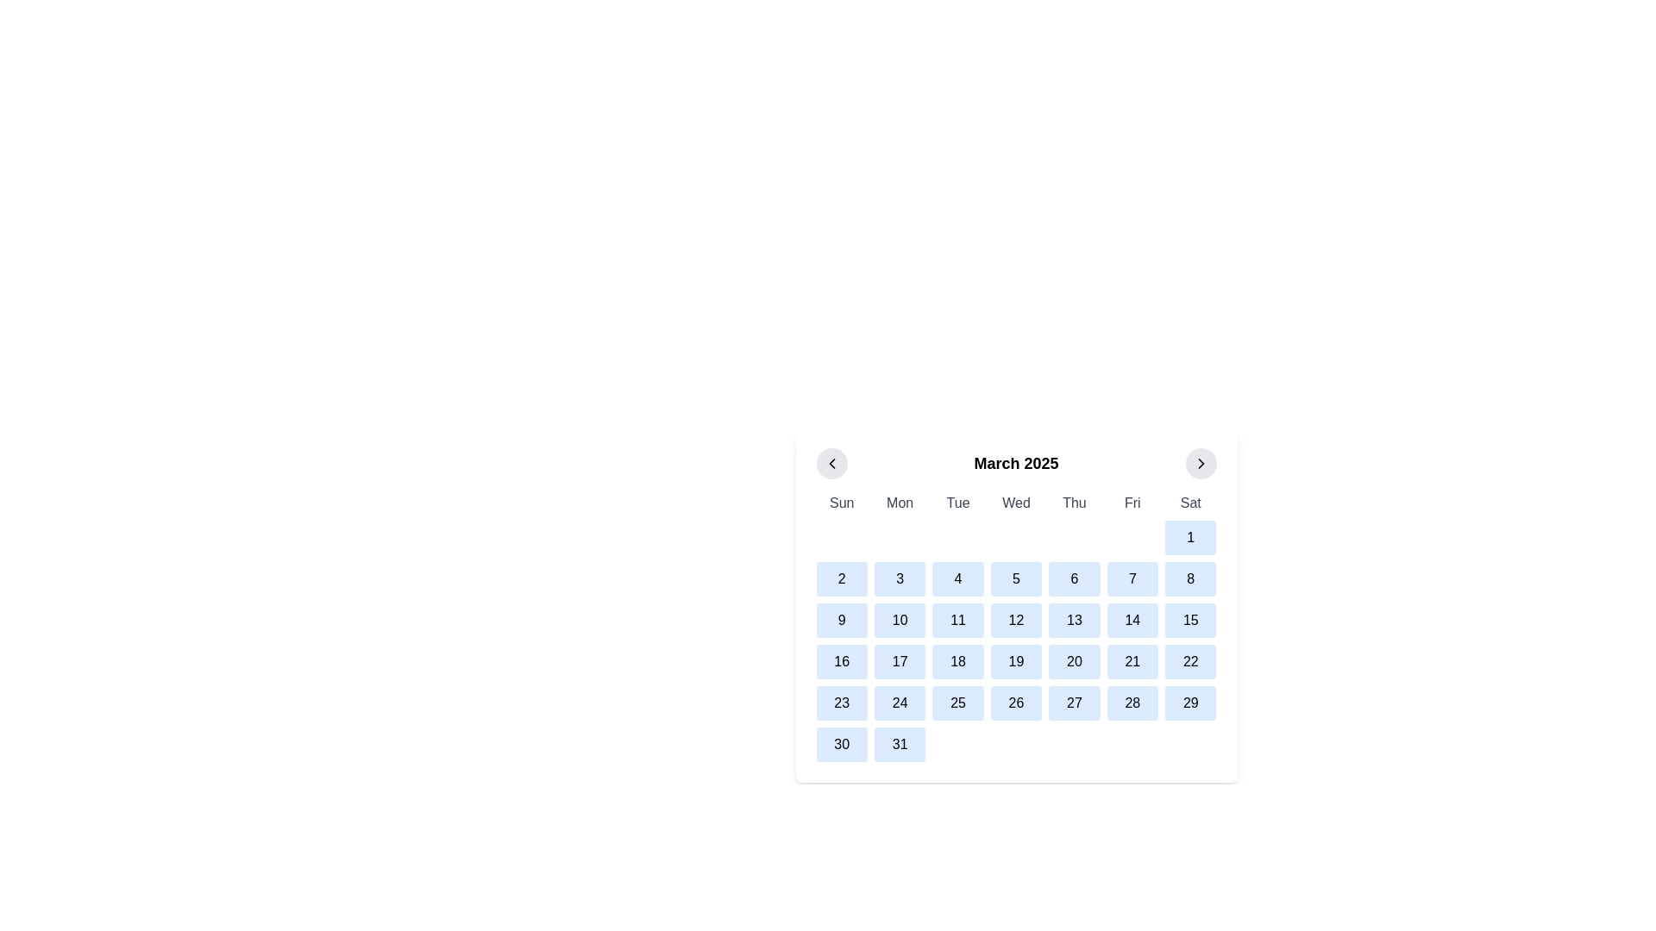 The height and width of the screenshot is (931, 1656). I want to click on the circular light gray button icon located in the top-left corner of the calendar, so click(831, 462).